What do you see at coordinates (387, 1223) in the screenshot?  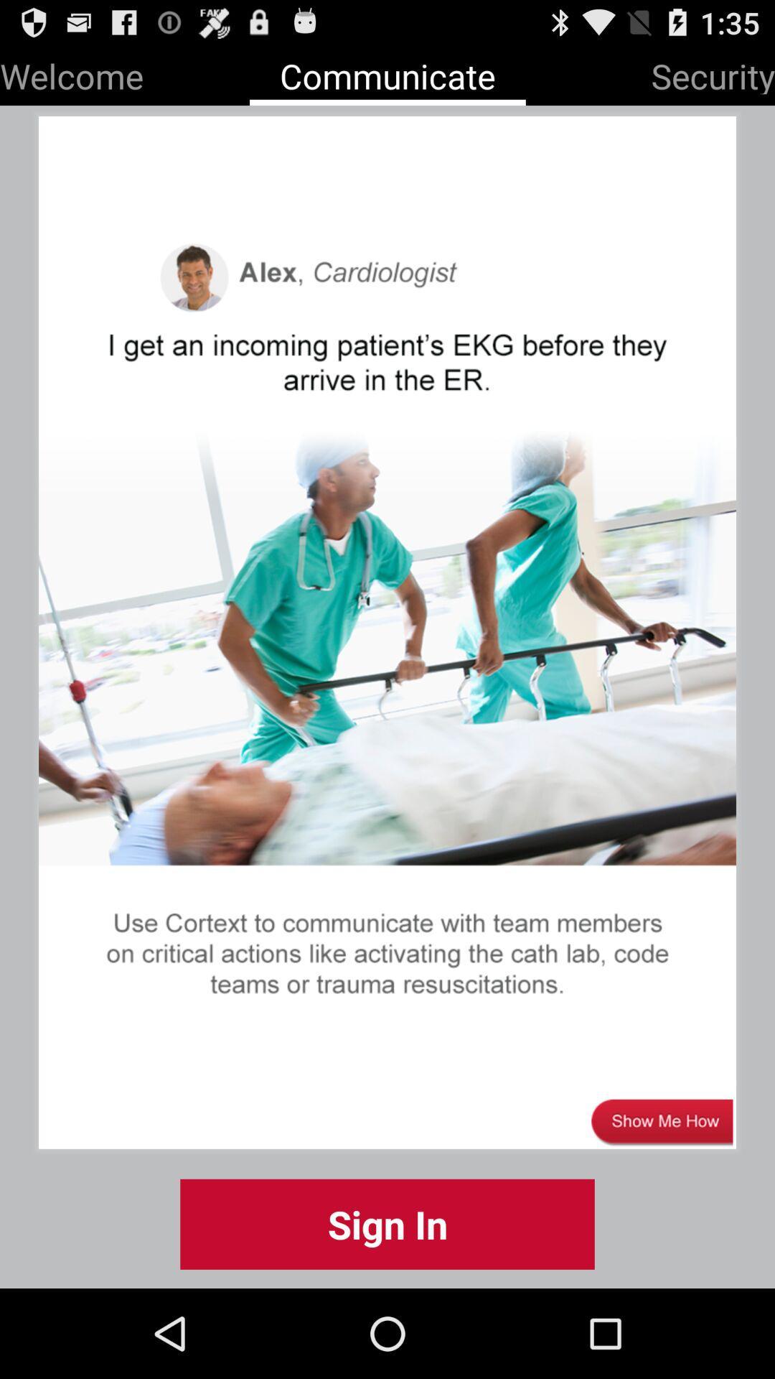 I see `the sign in button` at bounding box center [387, 1223].